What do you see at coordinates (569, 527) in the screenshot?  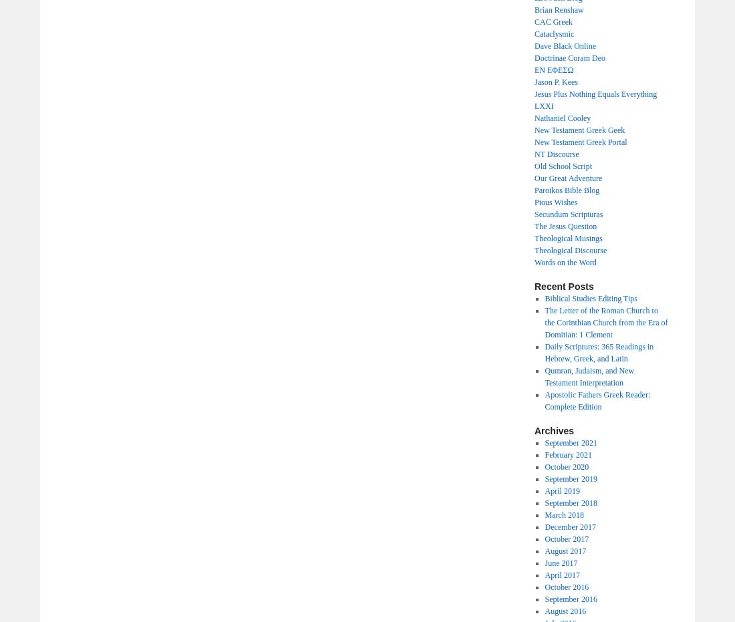 I see `'December 2017'` at bounding box center [569, 527].